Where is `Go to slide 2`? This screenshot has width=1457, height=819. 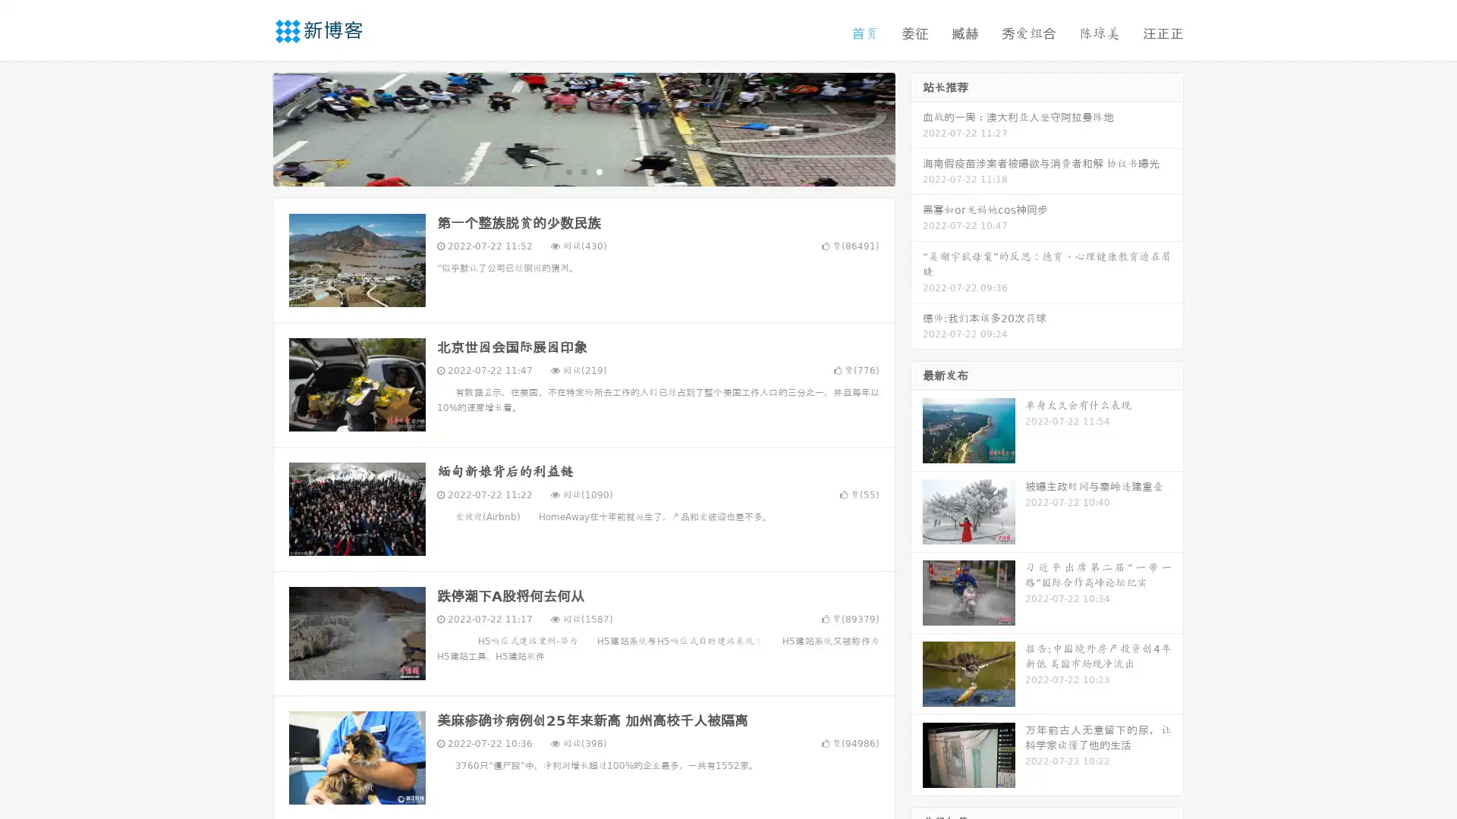 Go to slide 2 is located at coordinates (583, 171).